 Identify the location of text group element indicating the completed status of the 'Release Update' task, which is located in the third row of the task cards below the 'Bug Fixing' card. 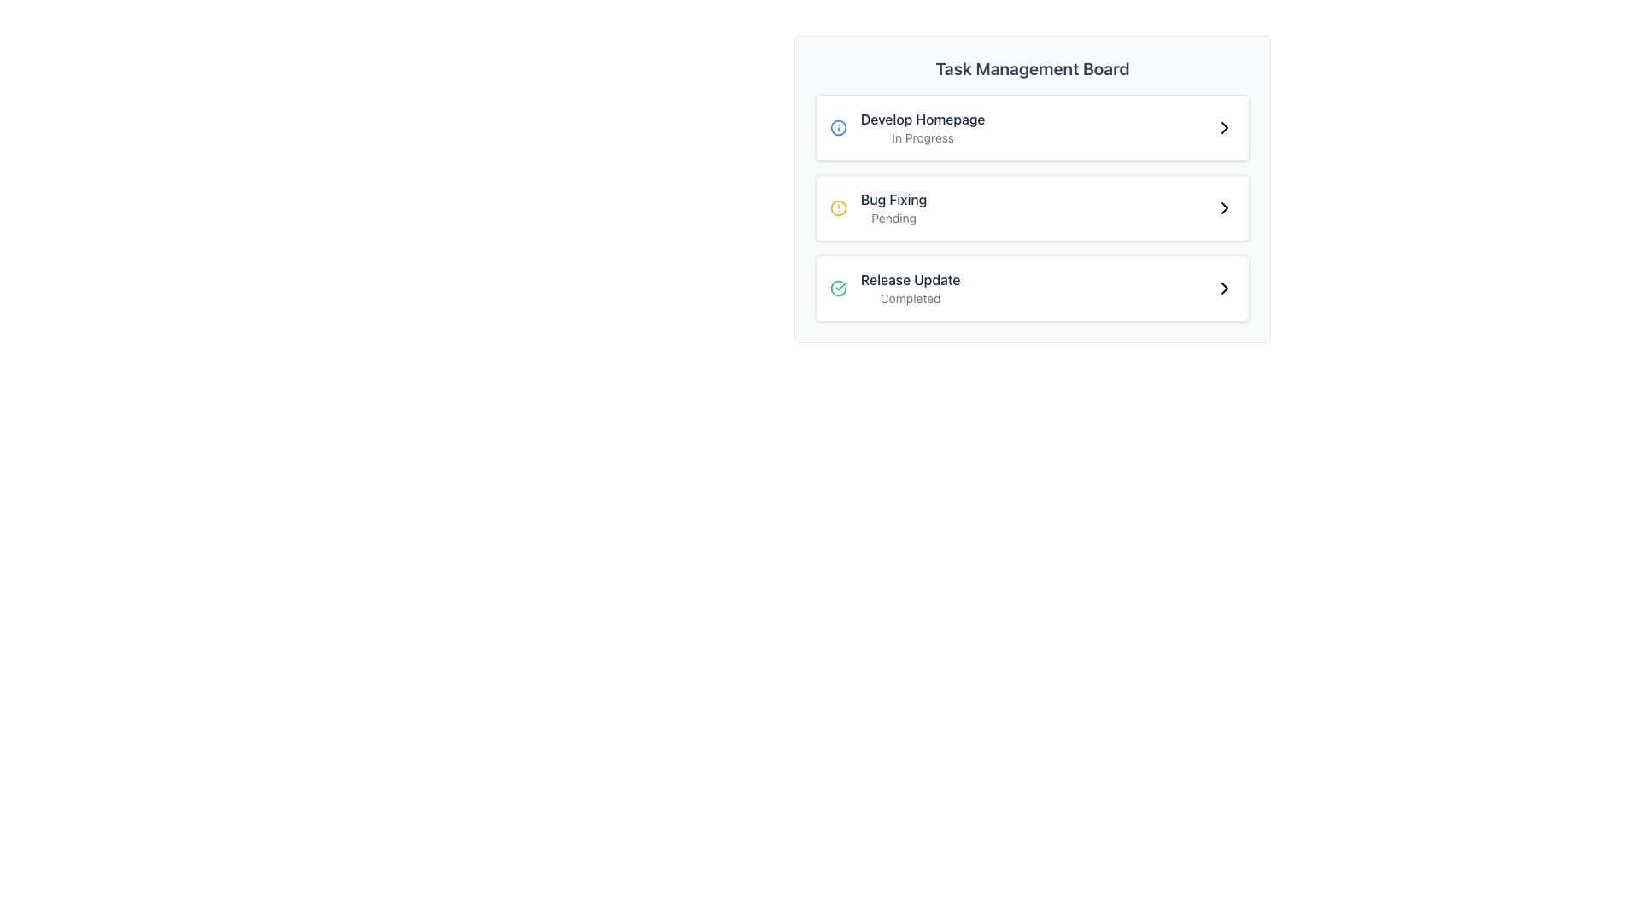
(894, 288).